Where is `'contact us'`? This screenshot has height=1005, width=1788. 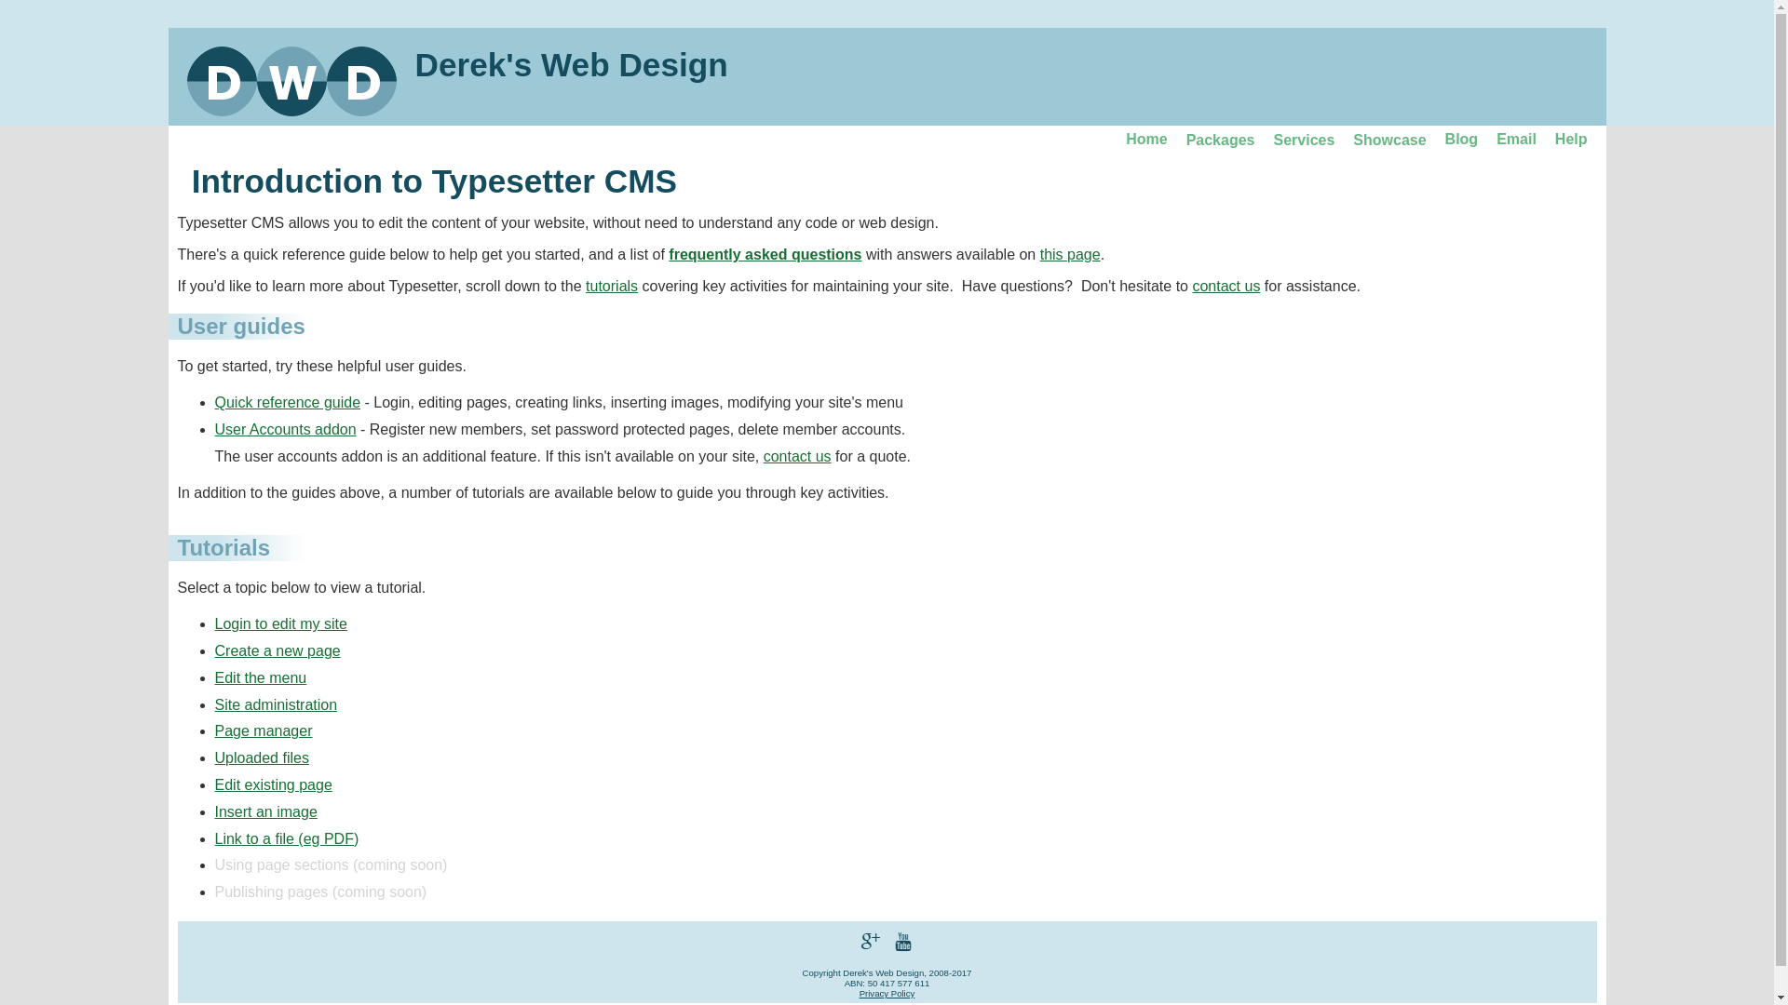
'contact us' is located at coordinates (797, 456).